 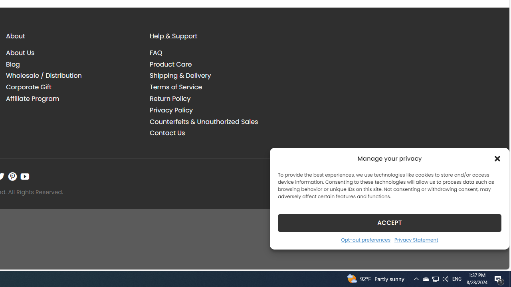 What do you see at coordinates (390, 222) in the screenshot?
I see `'ACCEPT'` at bounding box center [390, 222].